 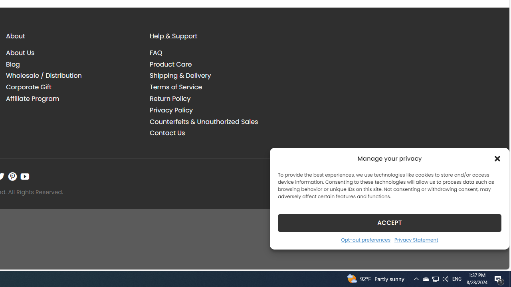 What do you see at coordinates (390, 222) in the screenshot?
I see `'ACCEPT'` at bounding box center [390, 222].